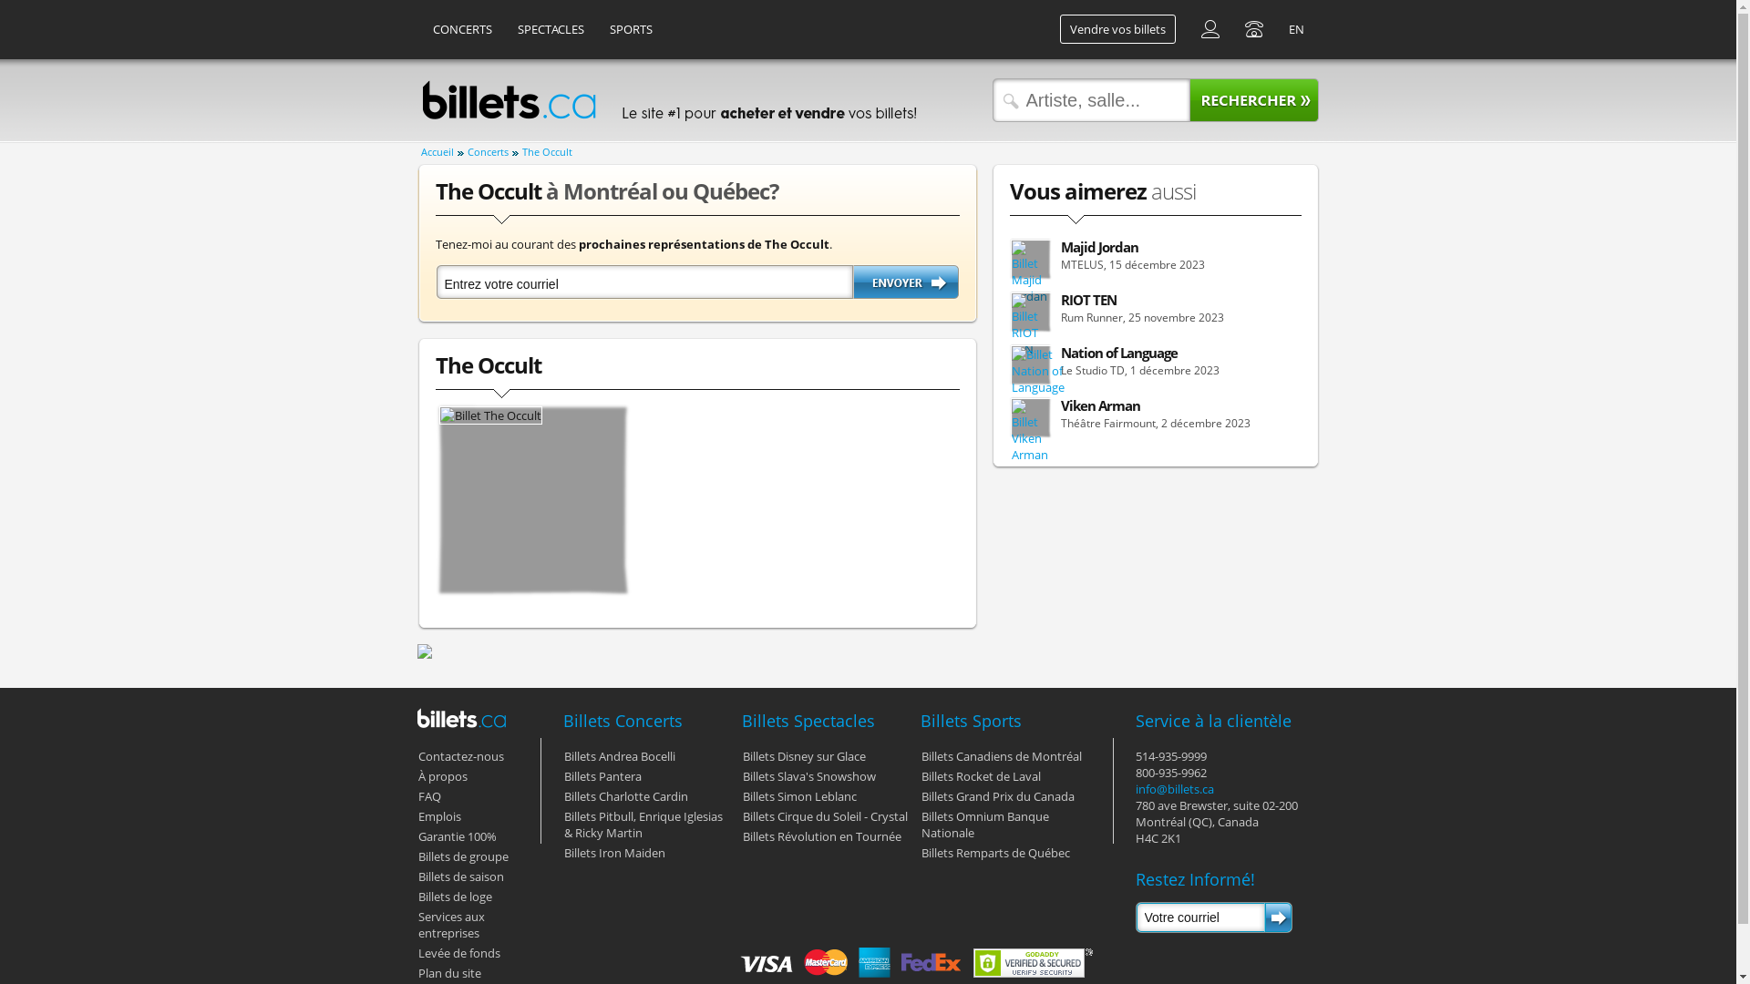 The width and height of the screenshot is (1750, 984). What do you see at coordinates (562, 719) in the screenshot?
I see `'Billets Concerts'` at bounding box center [562, 719].